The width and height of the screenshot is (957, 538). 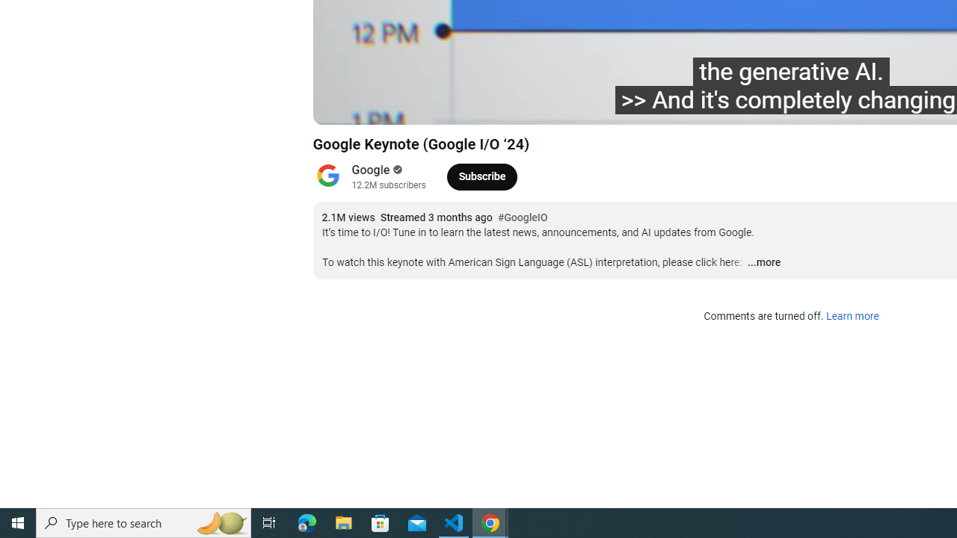 I want to click on 'Google', so click(x=371, y=169).